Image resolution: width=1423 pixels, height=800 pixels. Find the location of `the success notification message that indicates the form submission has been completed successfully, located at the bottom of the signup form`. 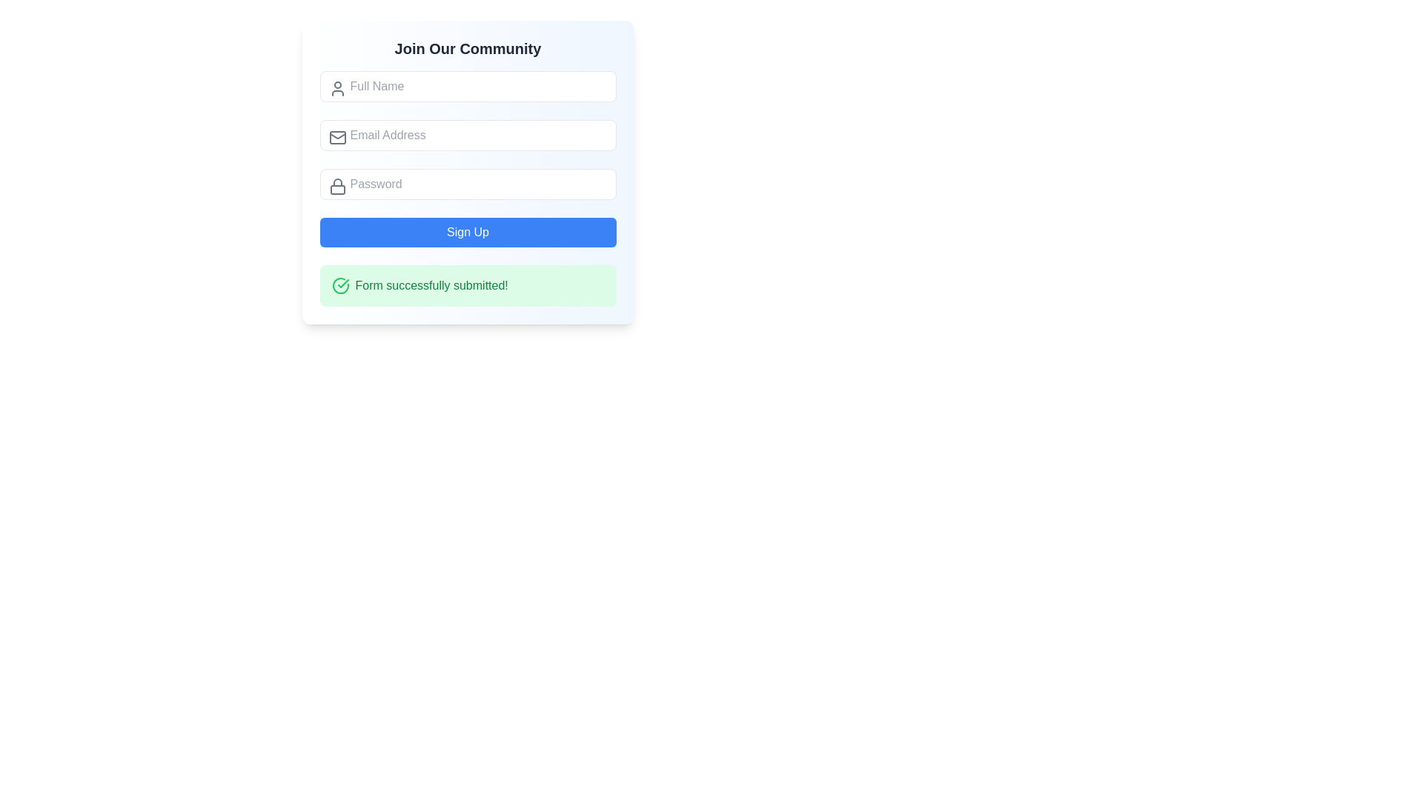

the success notification message that indicates the form submission has been completed successfully, located at the bottom of the signup form is located at coordinates (467, 285).